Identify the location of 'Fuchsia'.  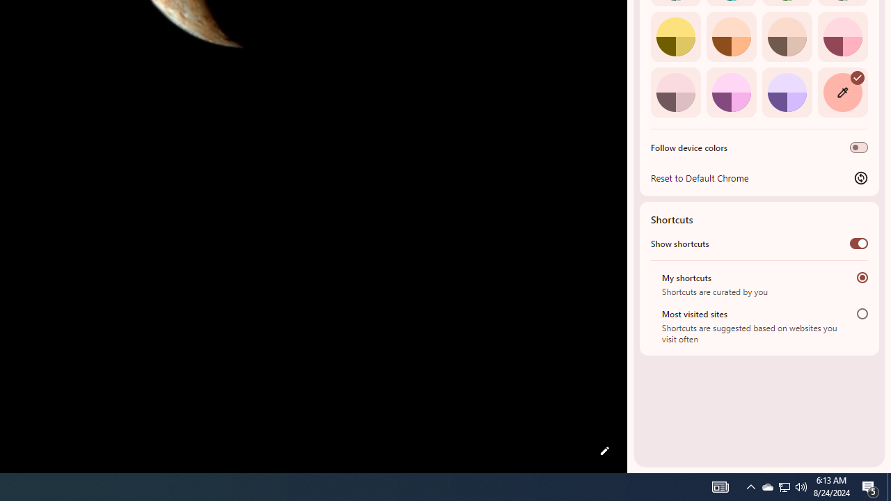
(730, 92).